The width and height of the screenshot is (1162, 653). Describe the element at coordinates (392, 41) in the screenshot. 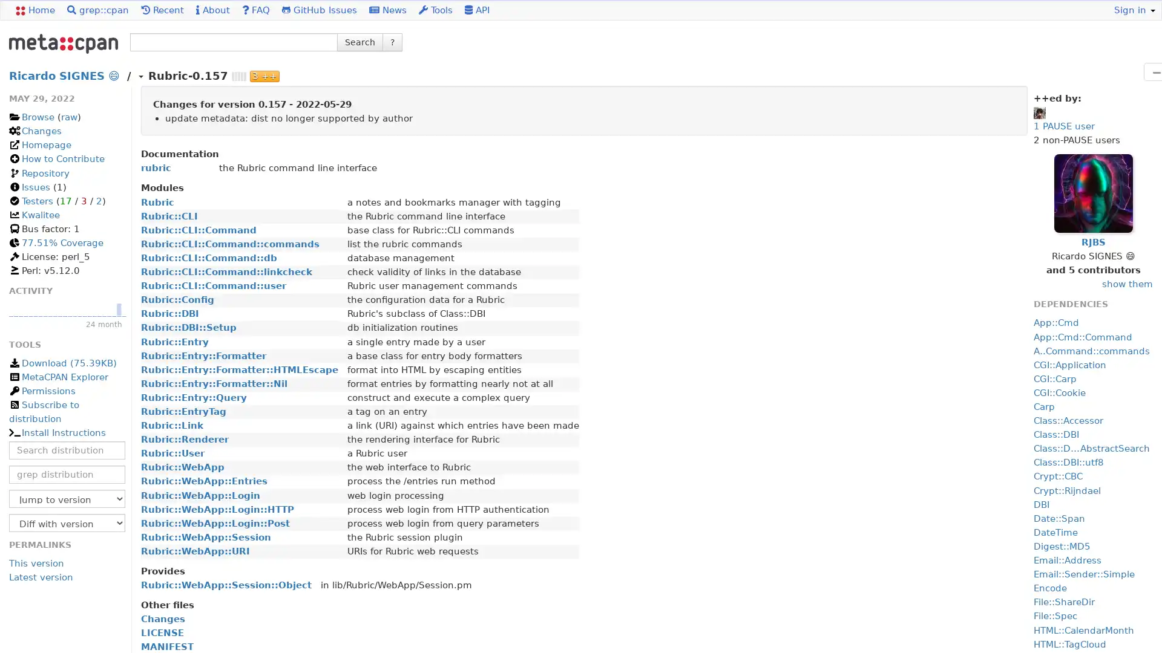

I see `?` at that location.